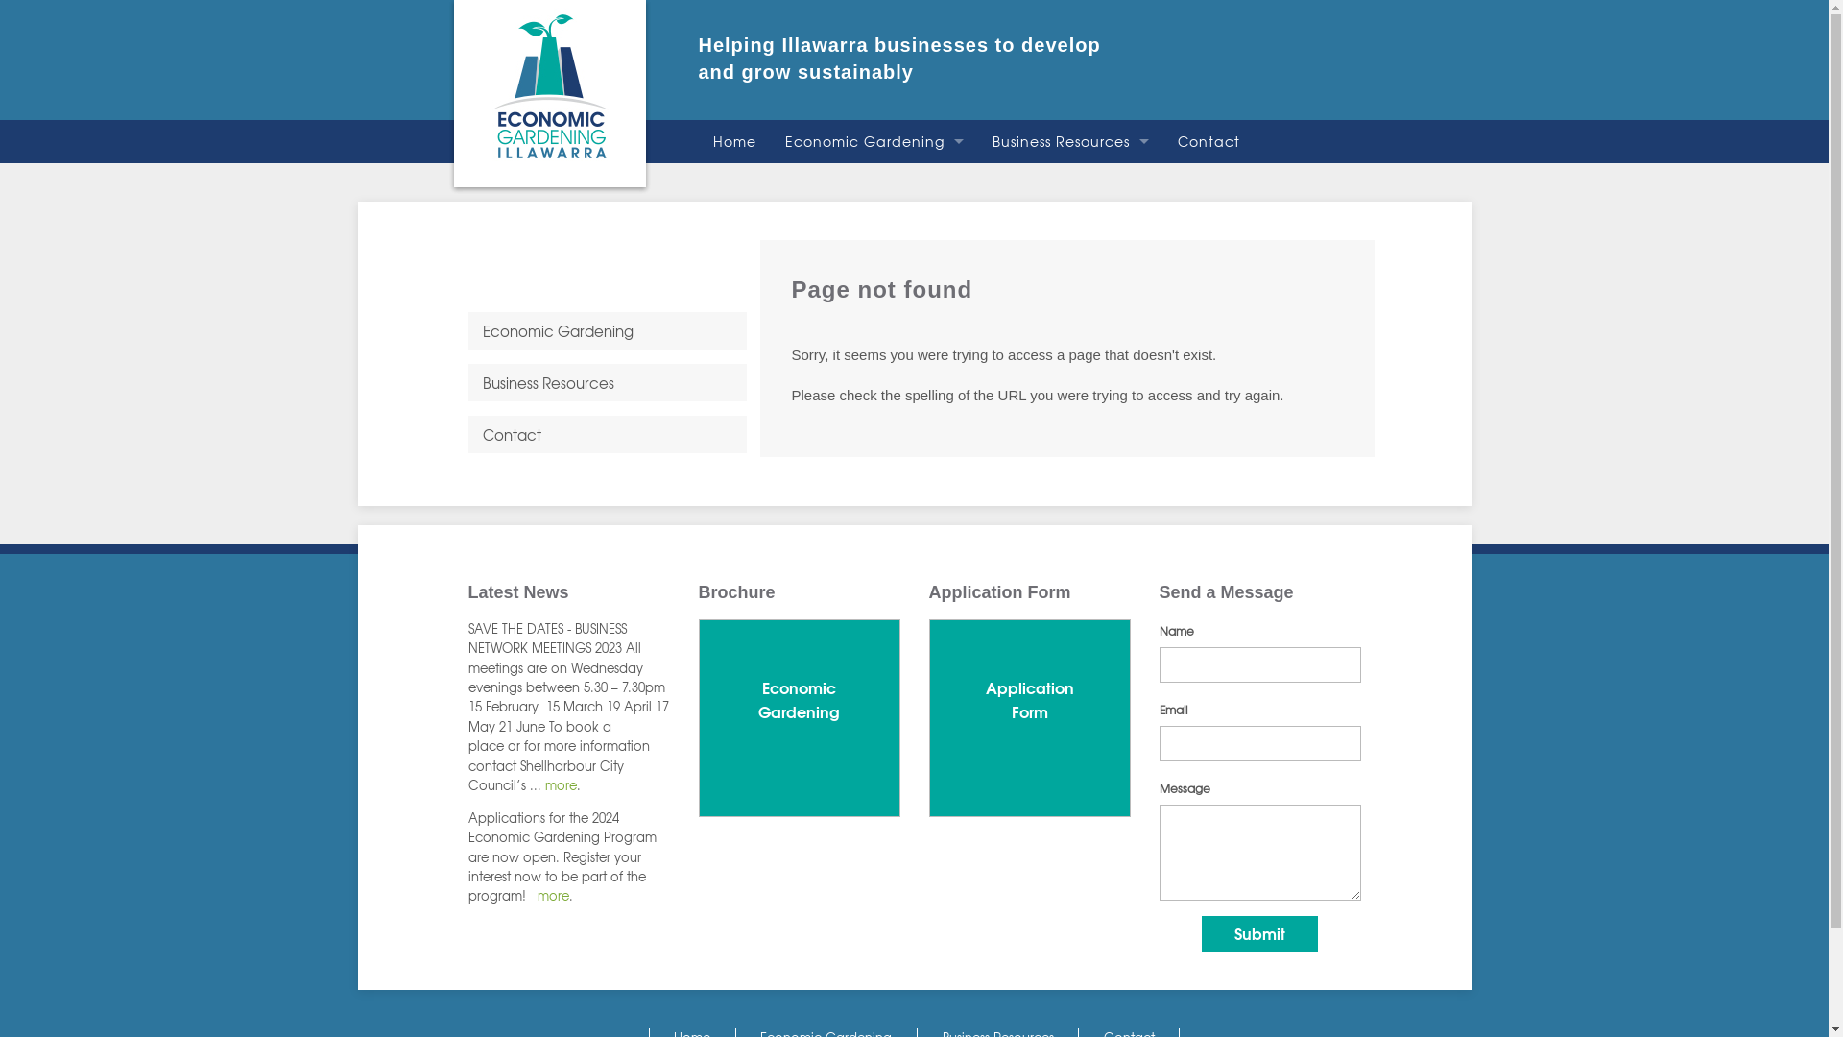 The image size is (1843, 1037). Describe the element at coordinates (560, 784) in the screenshot. I see `'more'` at that location.